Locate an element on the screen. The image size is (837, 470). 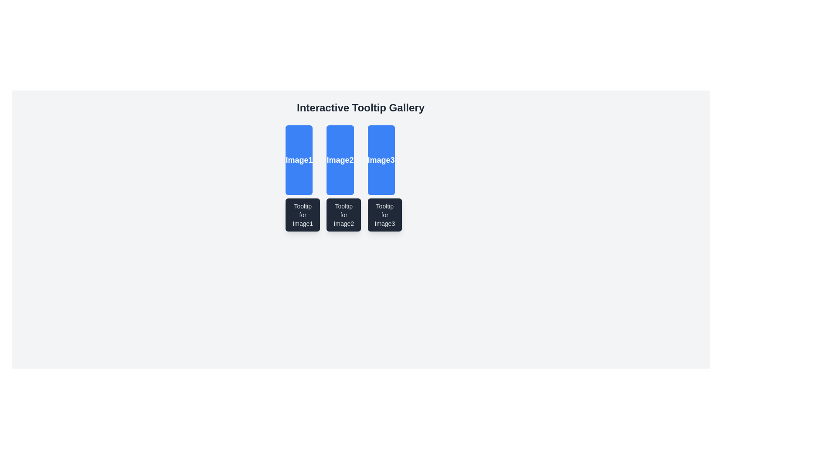
the interactive panel labeled 'Image3', which is a vertically-oriented blue rectangle with rounded corners and white text, to initiate interaction is located at coordinates (381, 160).